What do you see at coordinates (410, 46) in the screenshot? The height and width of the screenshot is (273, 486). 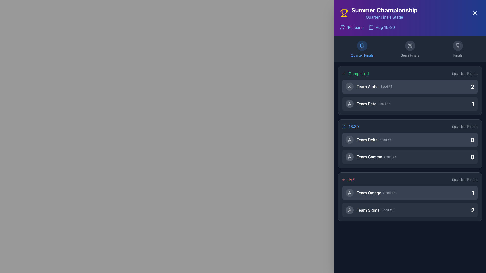 I see `the crossed swords icon on the dark rounded square background` at bounding box center [410, 46].